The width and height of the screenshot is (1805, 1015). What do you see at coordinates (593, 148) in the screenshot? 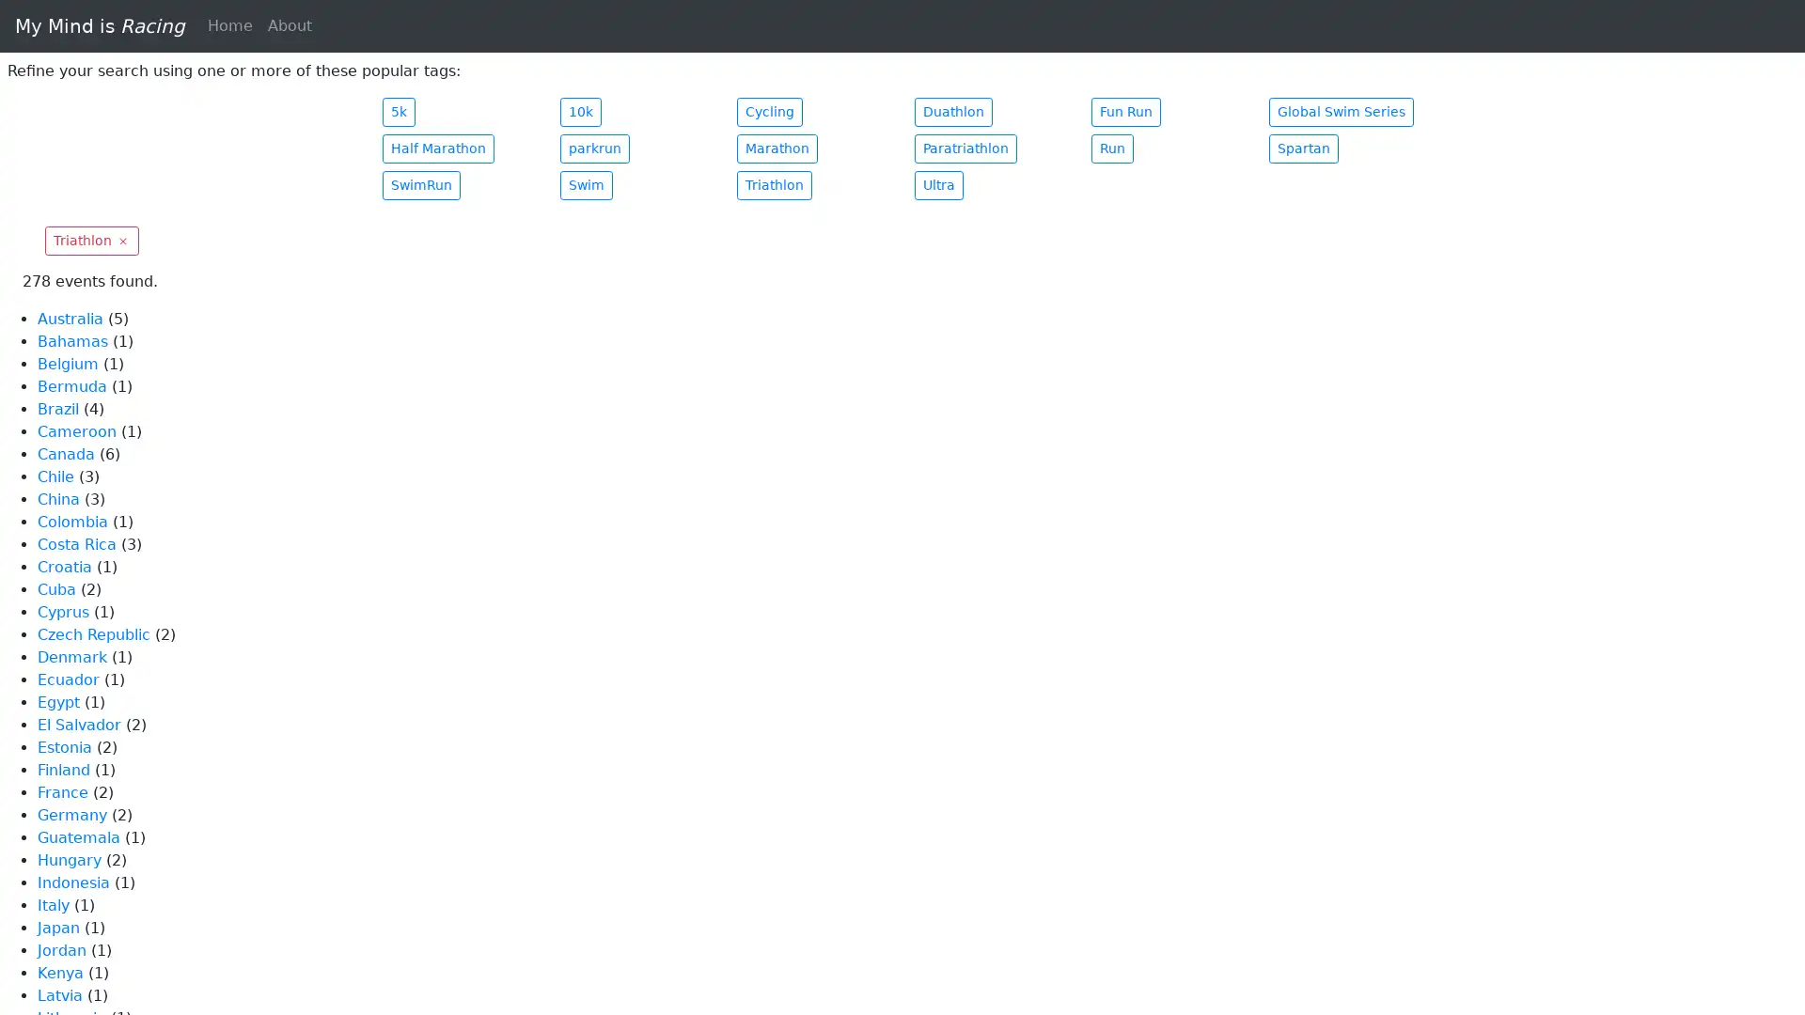
I see `parkrun` at bounding box center [593, 148].